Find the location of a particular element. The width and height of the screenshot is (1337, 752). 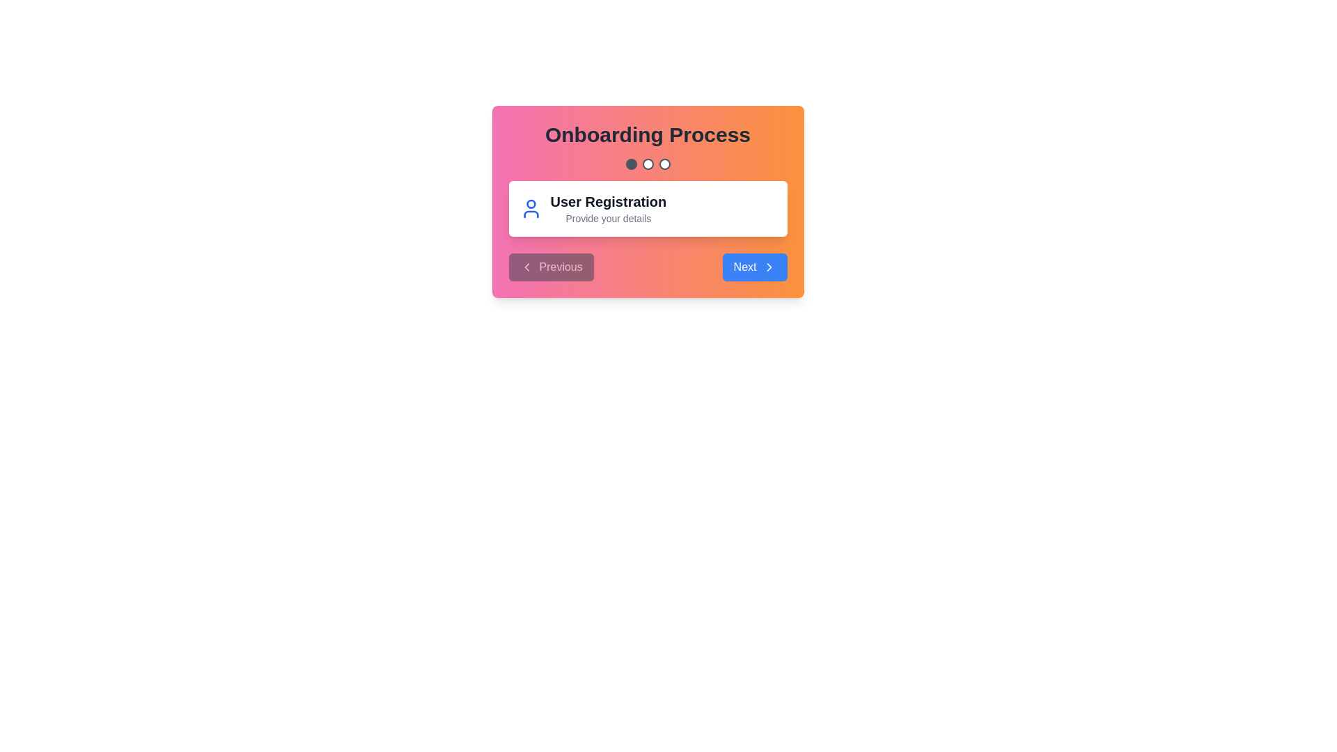

the Section Header which includes a user icon in blue and two lines of text: 'User Registration' and 'Provide your details' is located at coordinates (647, 209).